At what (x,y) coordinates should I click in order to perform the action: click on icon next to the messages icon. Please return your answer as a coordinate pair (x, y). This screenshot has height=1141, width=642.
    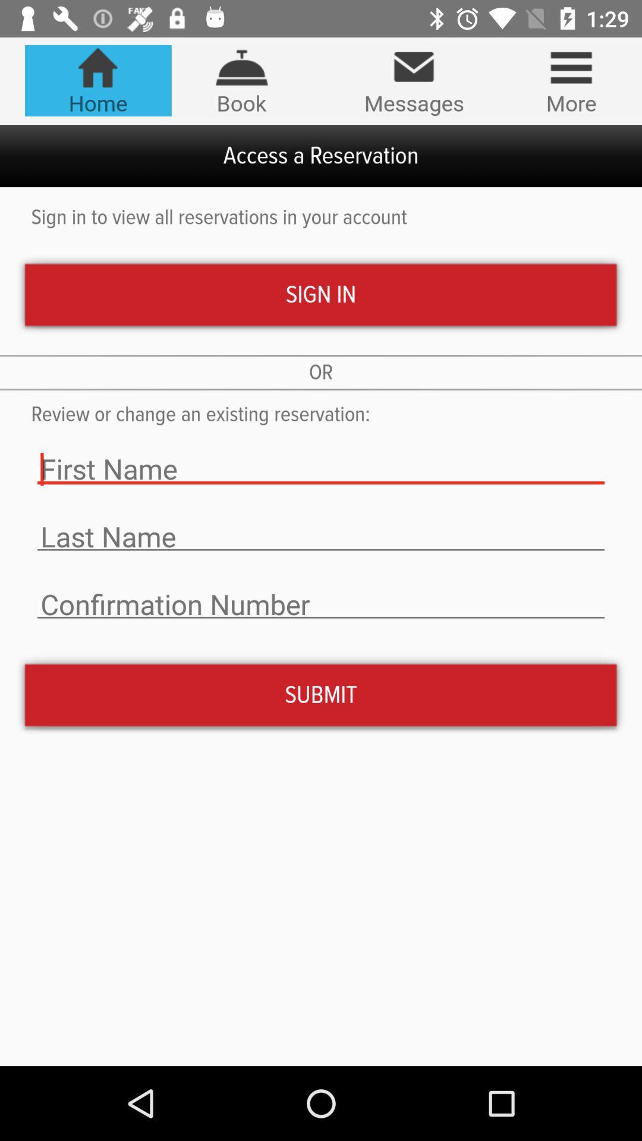
    Looking at the image, I should click on (571, 80).